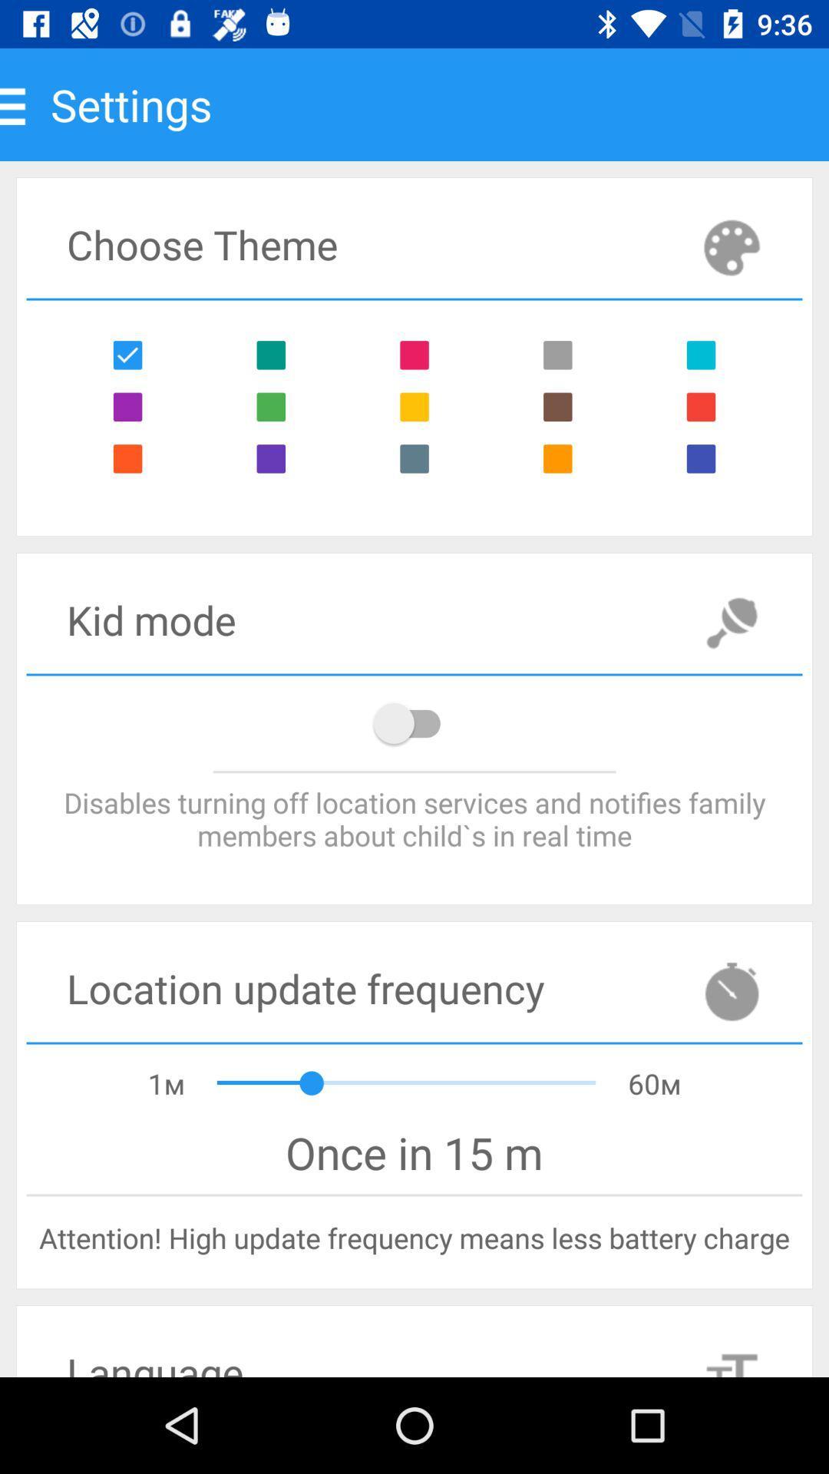 This screenshot has width=829, height=1474. What do you see at coordinates (414, 722) in the screenshot?
I see `location option` at bounding box center [414, 722].